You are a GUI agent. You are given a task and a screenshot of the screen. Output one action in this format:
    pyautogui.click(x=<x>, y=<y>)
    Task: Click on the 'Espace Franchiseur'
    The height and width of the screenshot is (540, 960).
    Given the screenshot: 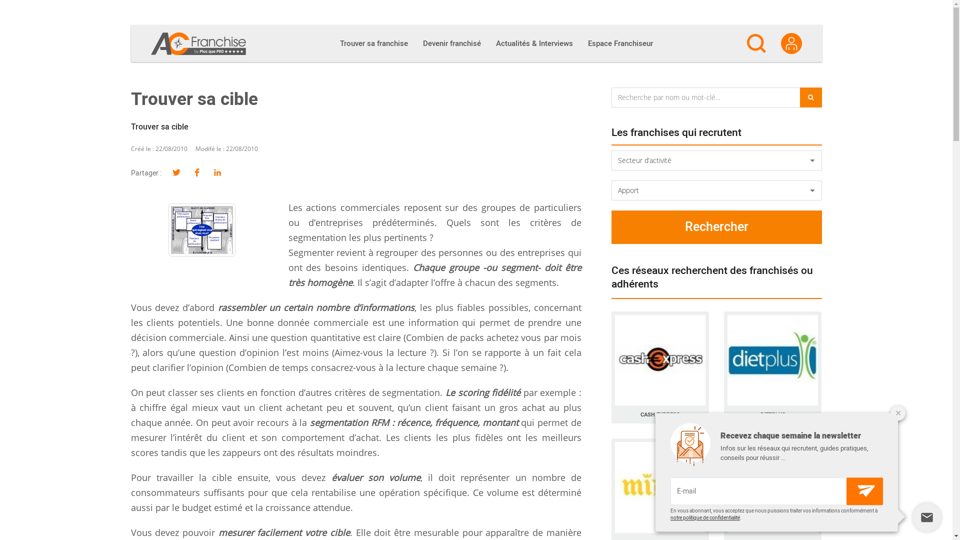 What is the action you would take?
    pyautogui.click(x=619, y=43)
    